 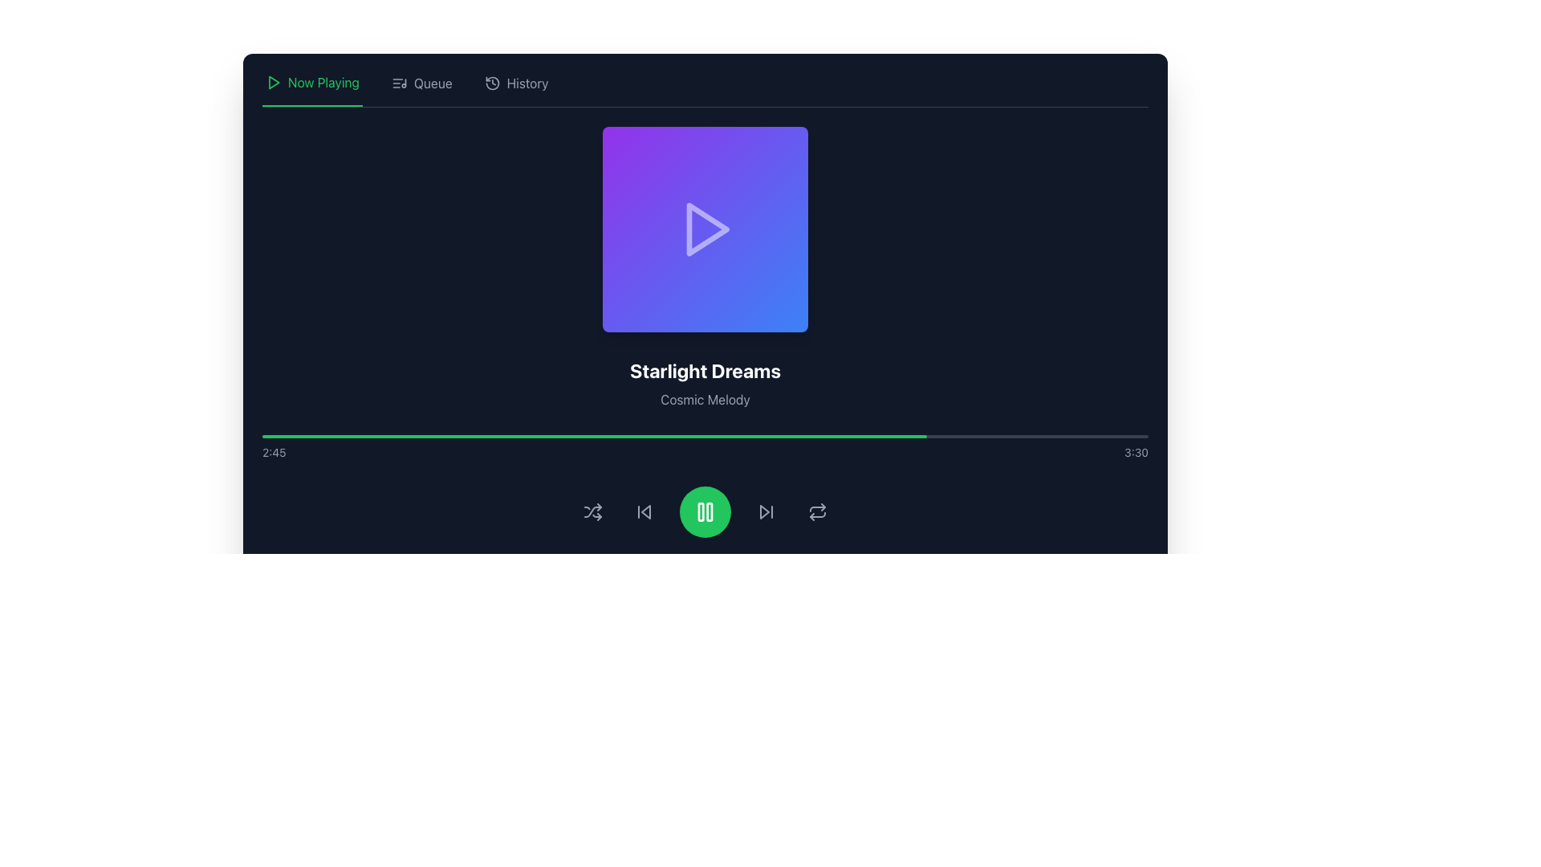 What do you see at coordinates (701, 511) in the screenshot?
I see `the left vertical bar of the pause button icon, which is a green rectangular shape located at the center of the bottom control bar of the music player` at bounding box center [701, 511].